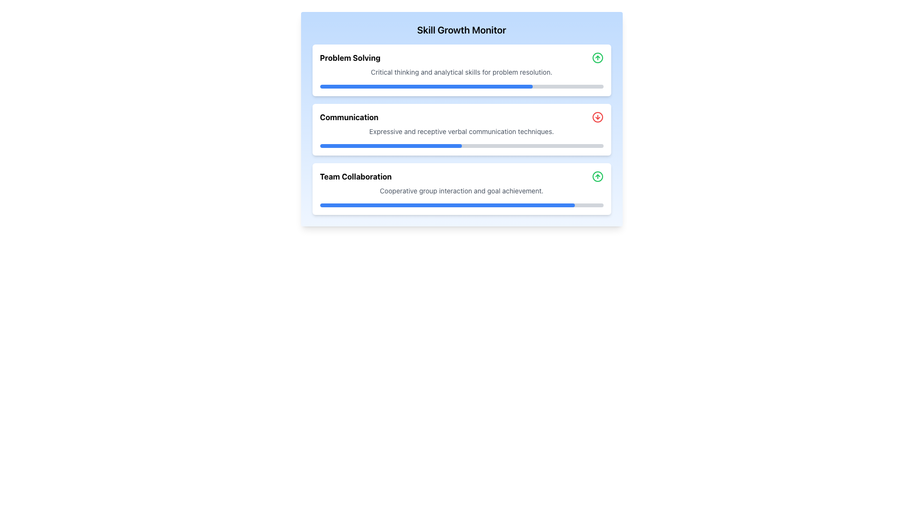 Image resolution: width=919 pixels, height=517 pixels. Describe the element at coordinates (391, 146) in the screenshot. I see `the horizontal blue progress bar with rounded ends located under the 'Communication' section in the 'Skill Growth Monitor' interface` at that location.